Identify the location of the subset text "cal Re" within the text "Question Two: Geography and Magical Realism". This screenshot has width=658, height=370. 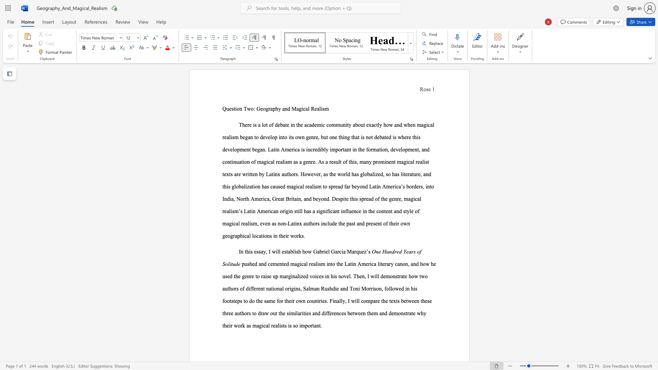
(303, 108).